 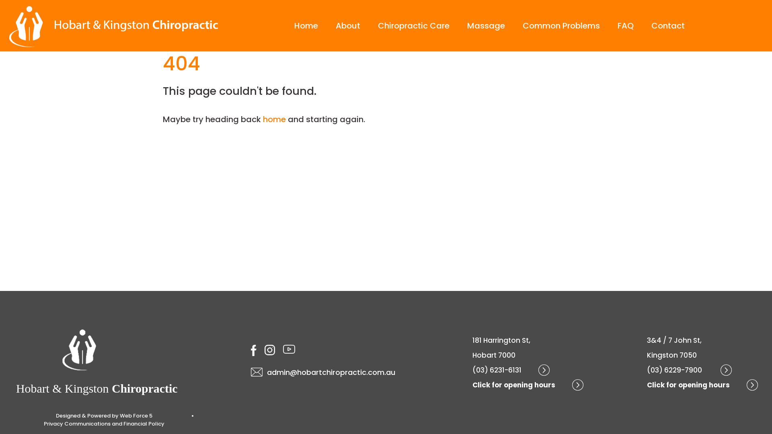 What do you see at coordinates (625, 25) in the screenshot?
I see `'FAQ'` at bounding box center [625, 25].